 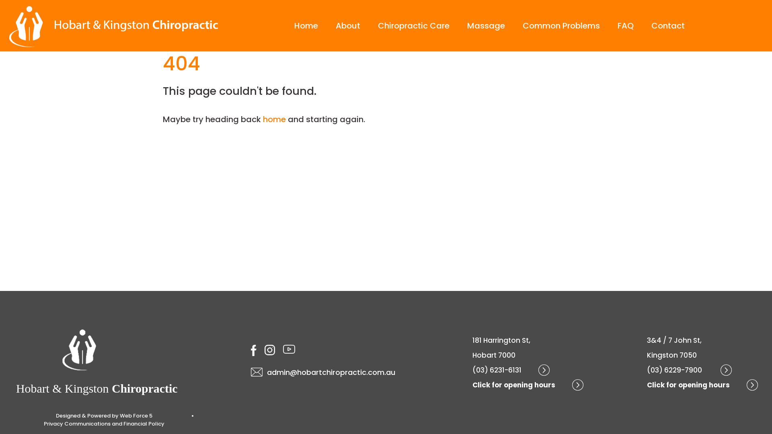 What do you see at coordinates (625, 25) in the screenshot?
I see `'FAQ'` at bounding box center [625, 25].